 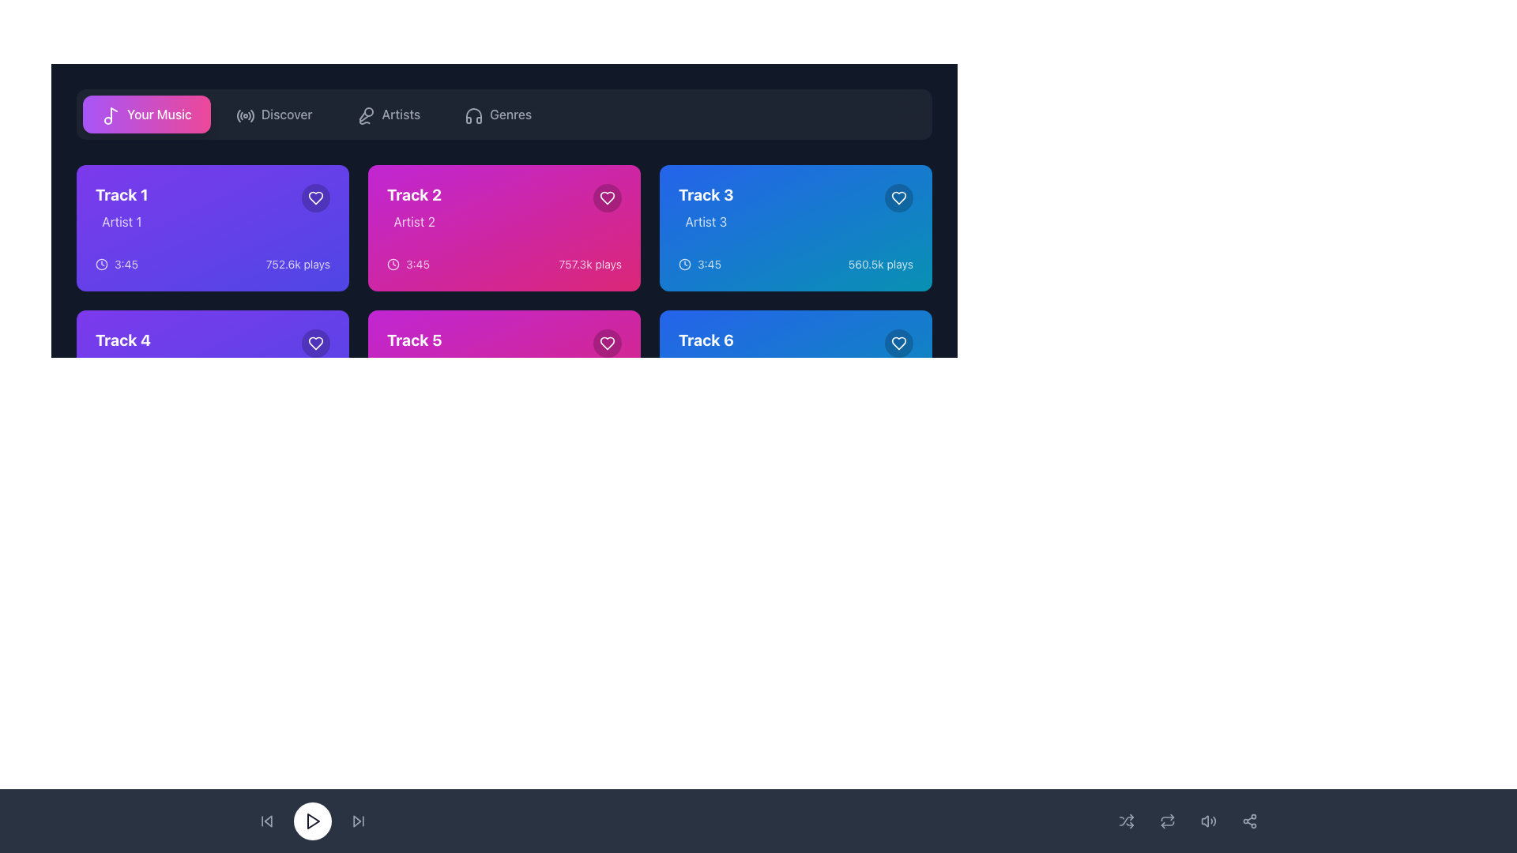 What do you see at coordinates (274, 114) in the screenshot?
I see `the 'Discover' button located in the horizontal navigation menu, which is positioned second from the left` at bounding box center [274, 114].